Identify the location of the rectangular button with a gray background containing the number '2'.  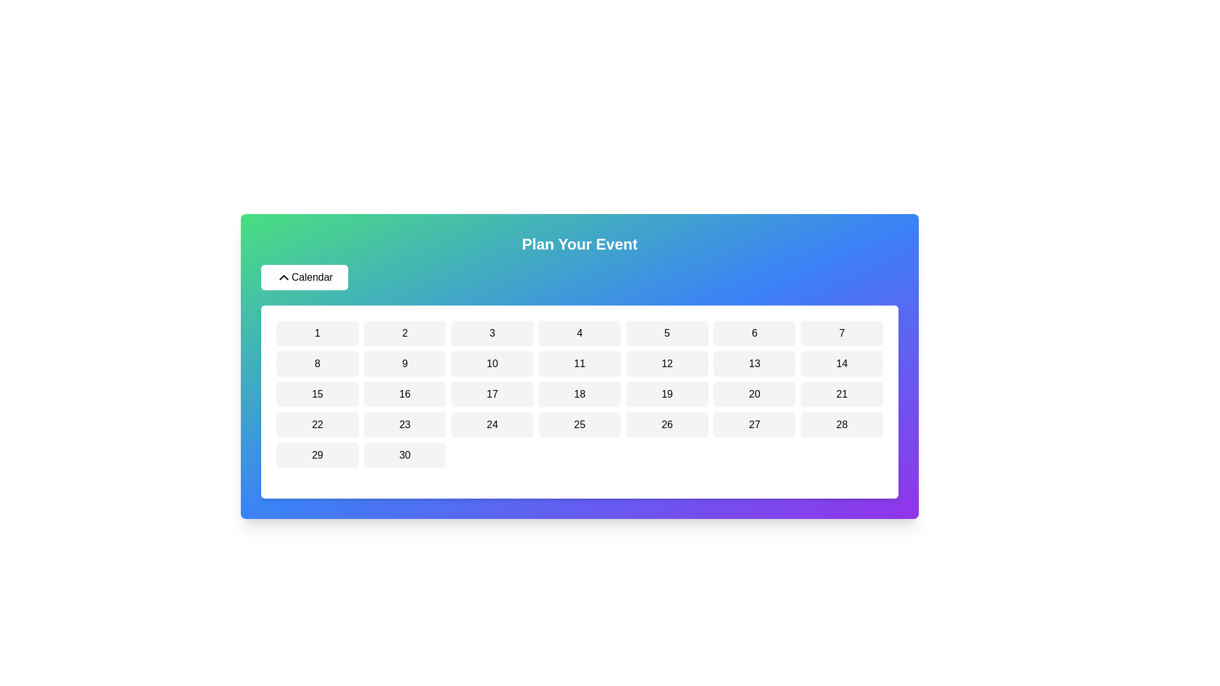
(404, 332).